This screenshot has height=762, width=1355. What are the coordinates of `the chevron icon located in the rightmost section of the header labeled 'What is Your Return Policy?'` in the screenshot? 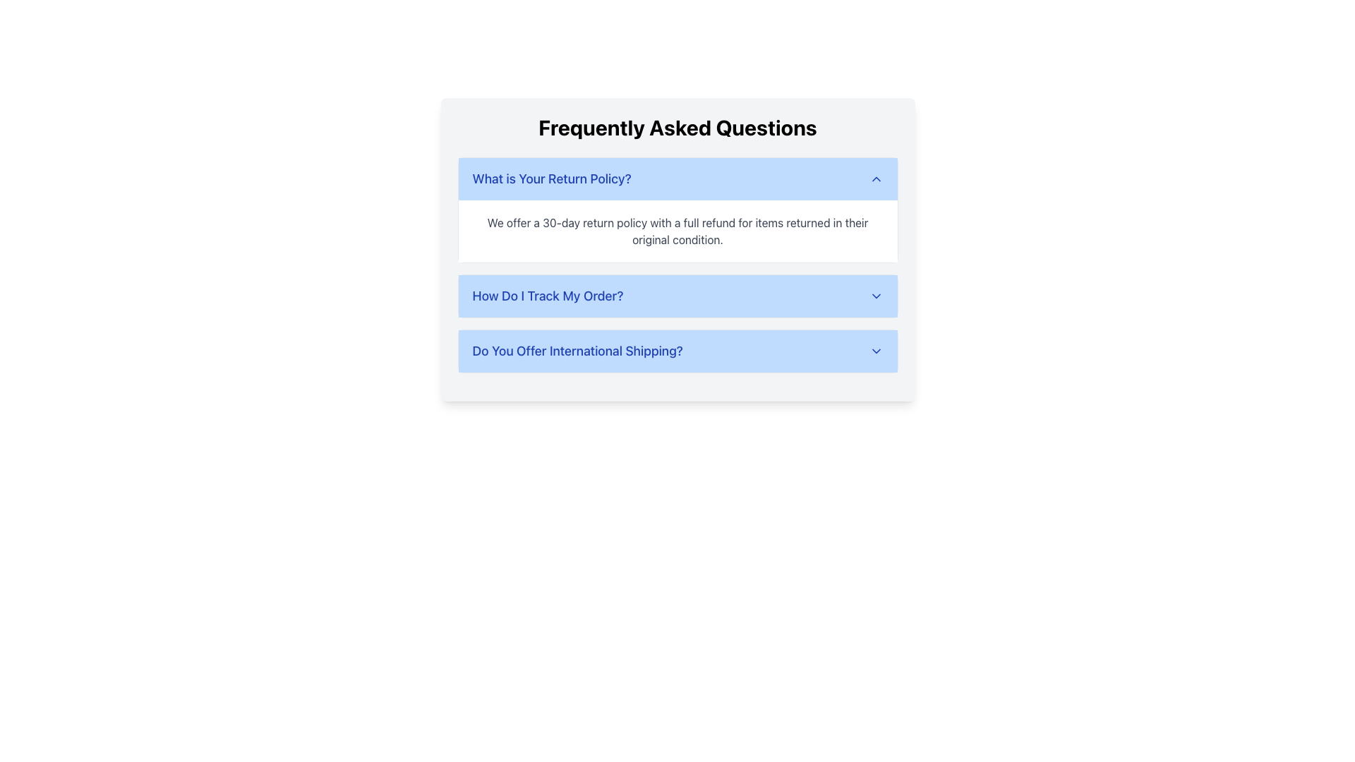 It's located at (875, 179).